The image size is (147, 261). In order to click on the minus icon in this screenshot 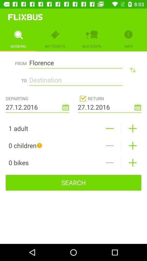, I will do `click(110, 145)`.